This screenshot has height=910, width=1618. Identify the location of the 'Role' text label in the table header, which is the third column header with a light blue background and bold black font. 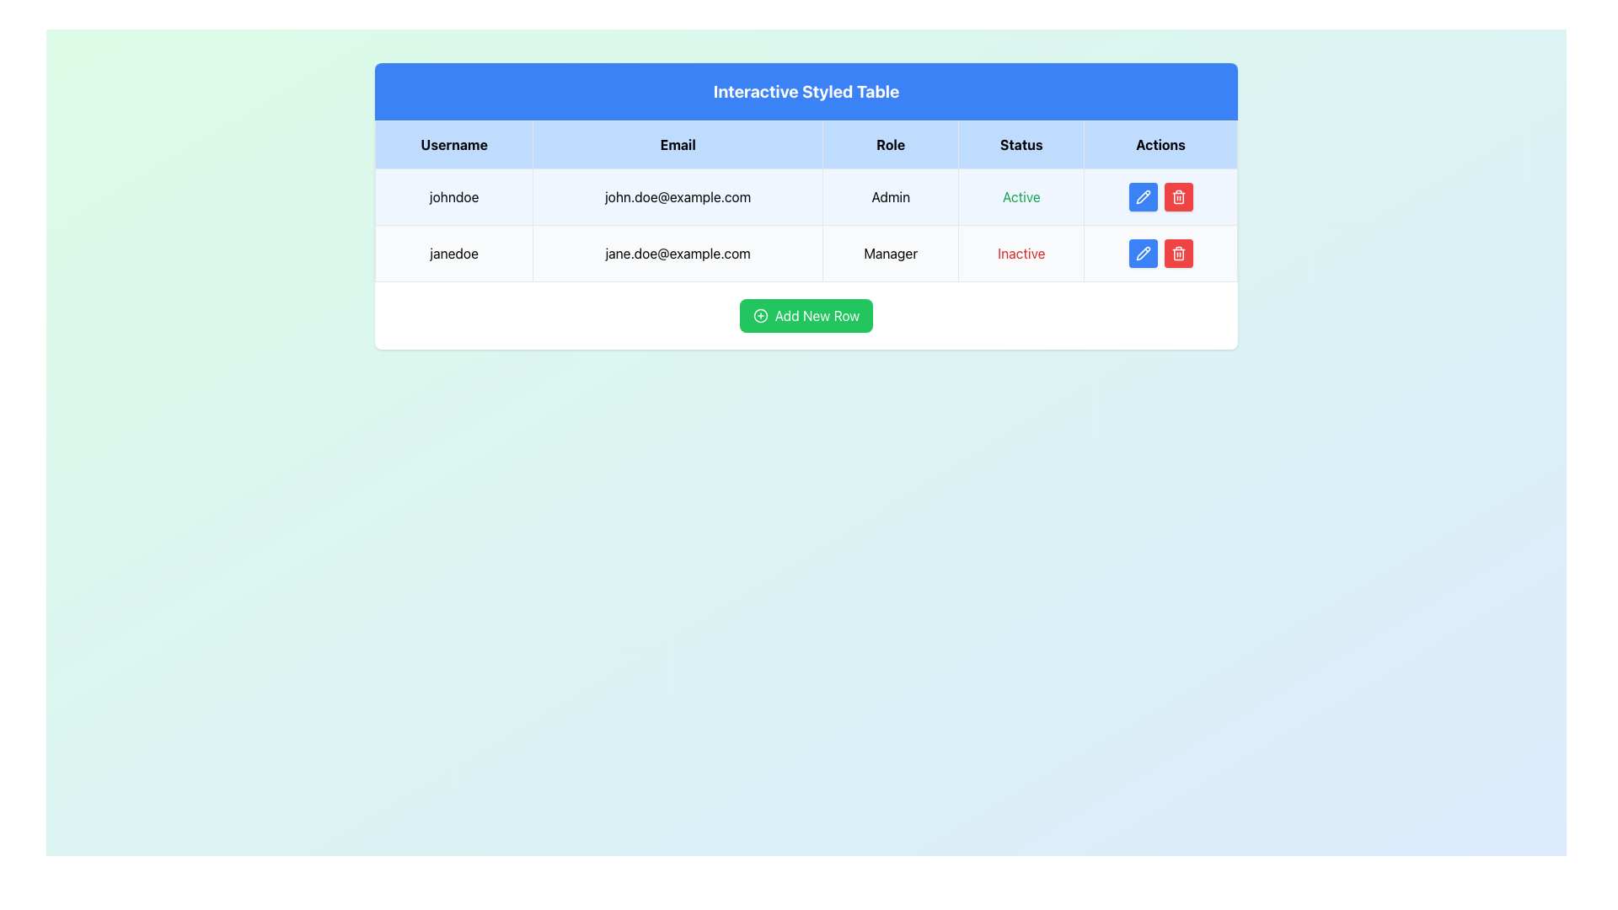
(890, 144).